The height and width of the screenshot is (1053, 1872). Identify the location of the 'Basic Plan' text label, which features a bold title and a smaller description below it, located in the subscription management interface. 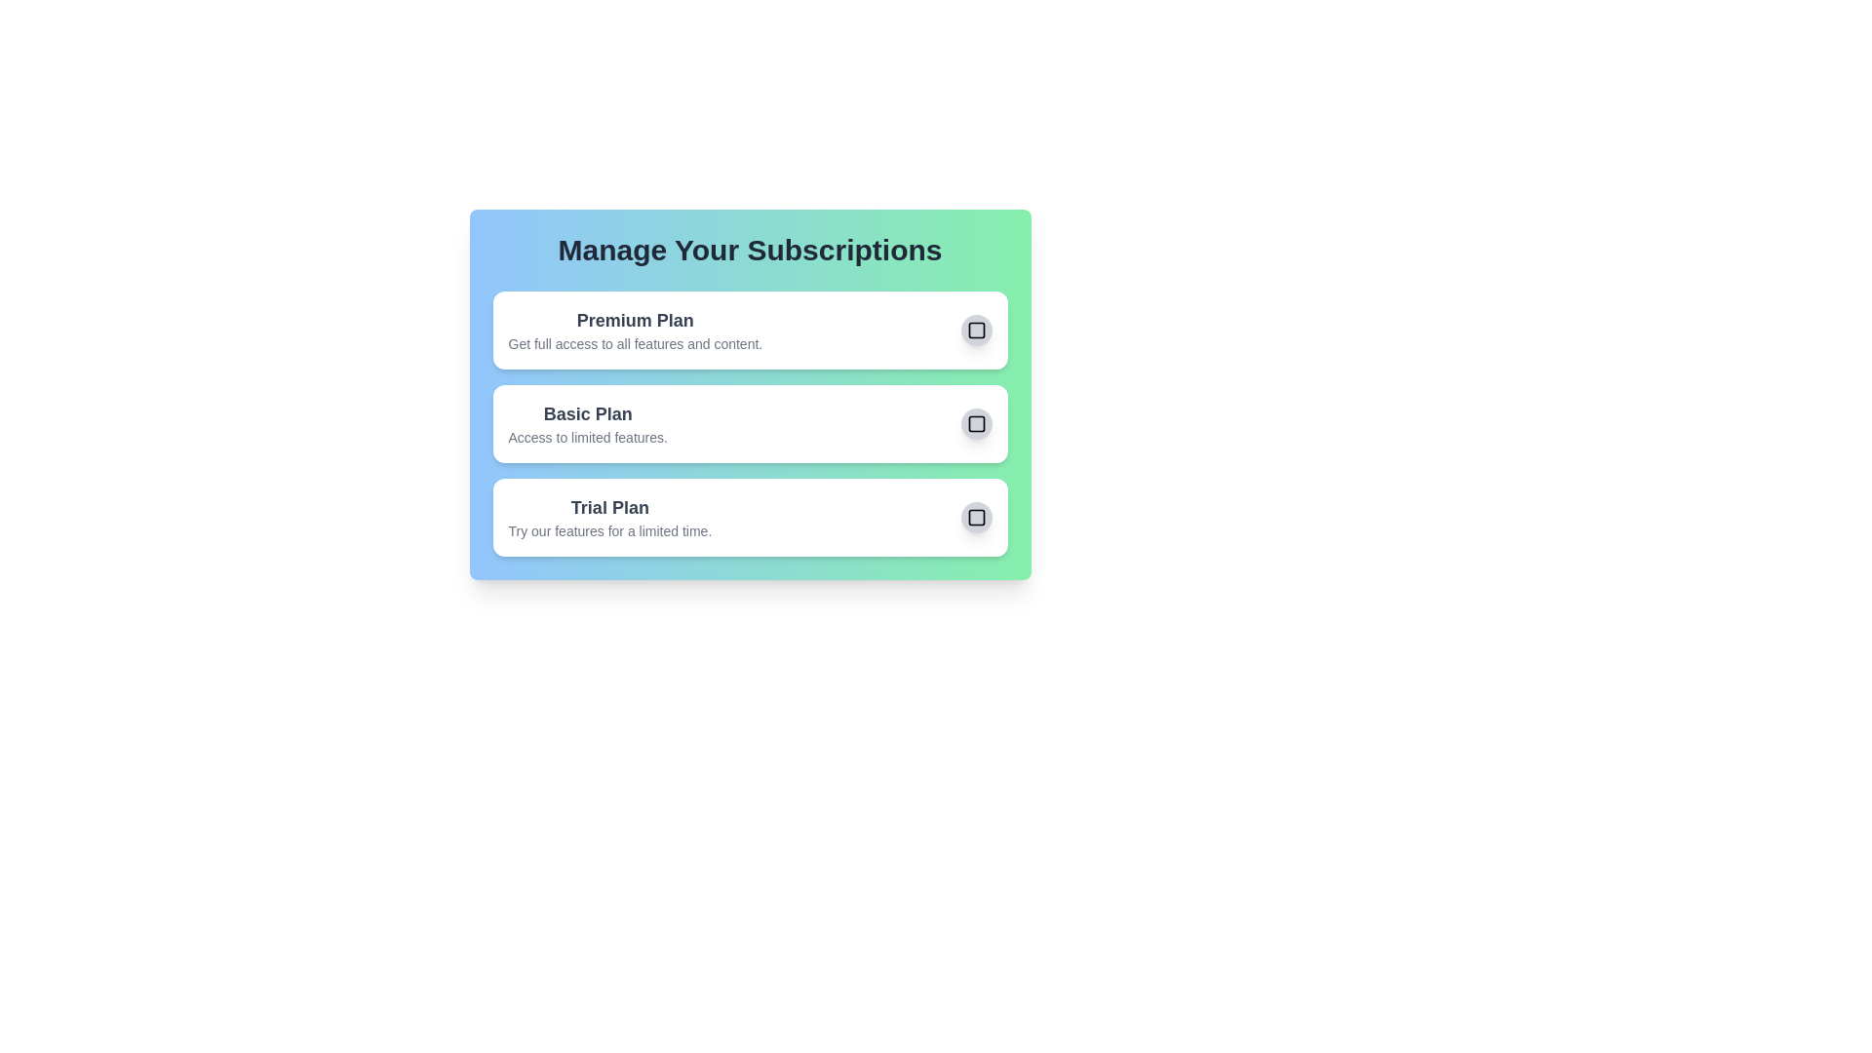
(587, 423).